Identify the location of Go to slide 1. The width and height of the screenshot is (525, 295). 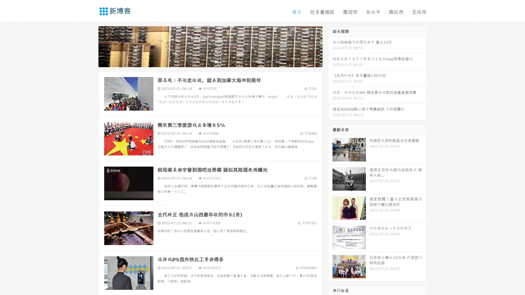
(205, 61).